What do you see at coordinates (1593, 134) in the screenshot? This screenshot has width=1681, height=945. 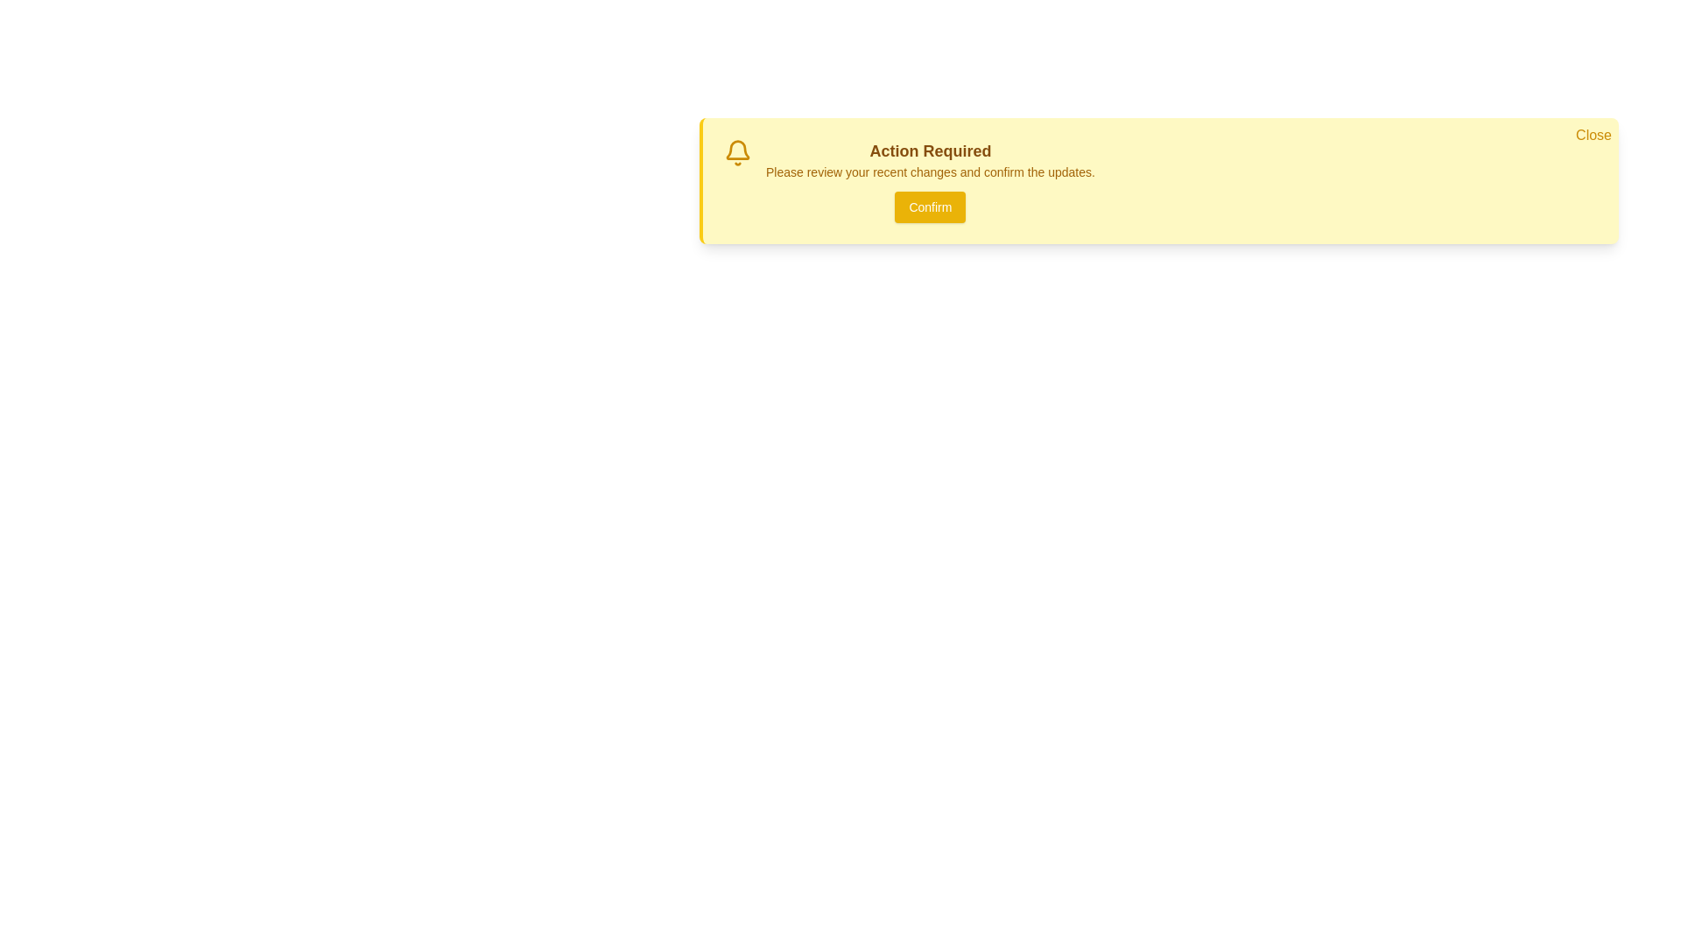 I see `the Close button to dismiss the notification card` at bounding box center [1593, 134].